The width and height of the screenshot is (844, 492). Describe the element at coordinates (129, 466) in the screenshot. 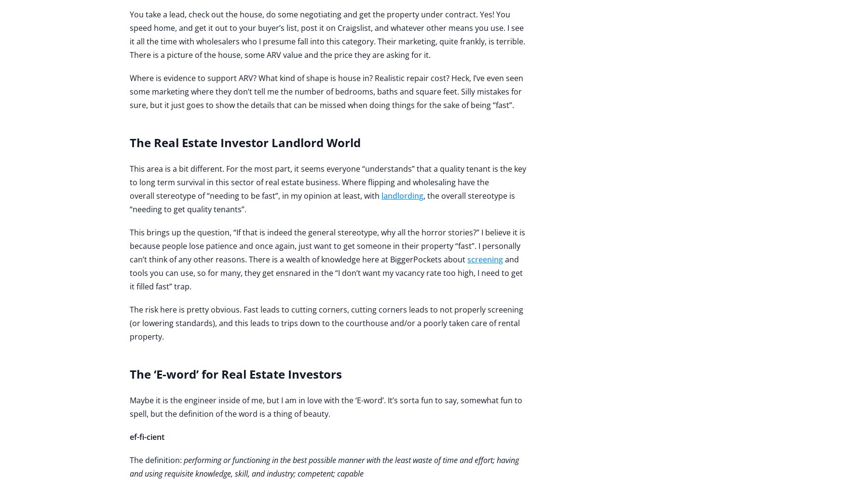

I see `'performing or functioning in the best possible manner with the least waste of time and effort; having and using requisite knowledge, skill, and industry; competent; capable'` at that location.